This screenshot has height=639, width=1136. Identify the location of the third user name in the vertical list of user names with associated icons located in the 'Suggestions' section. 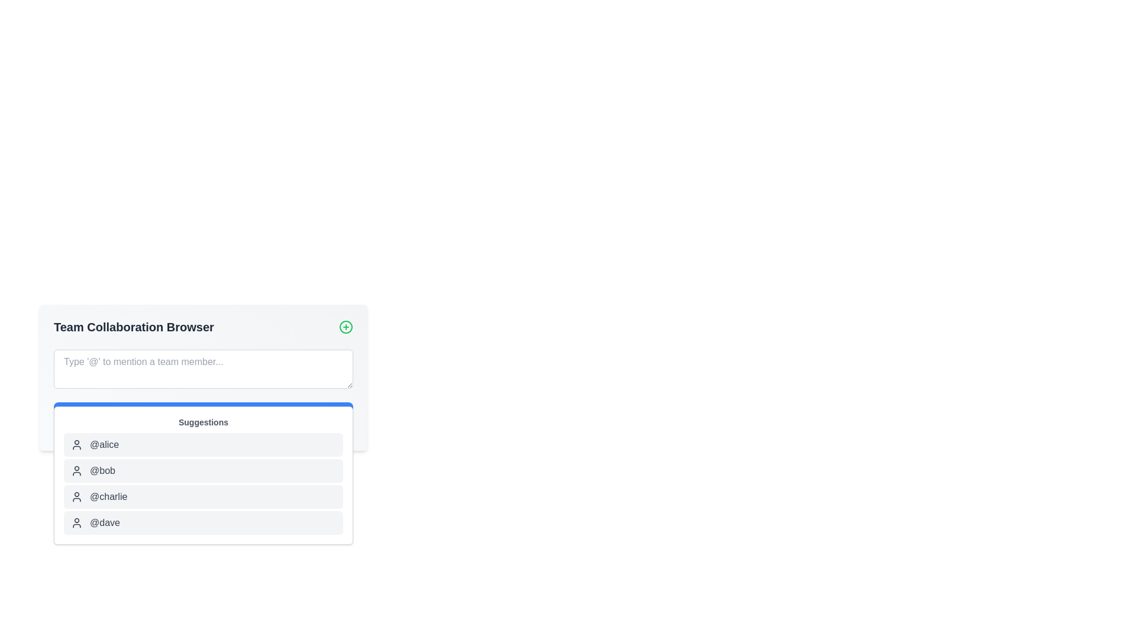
(204, 483).